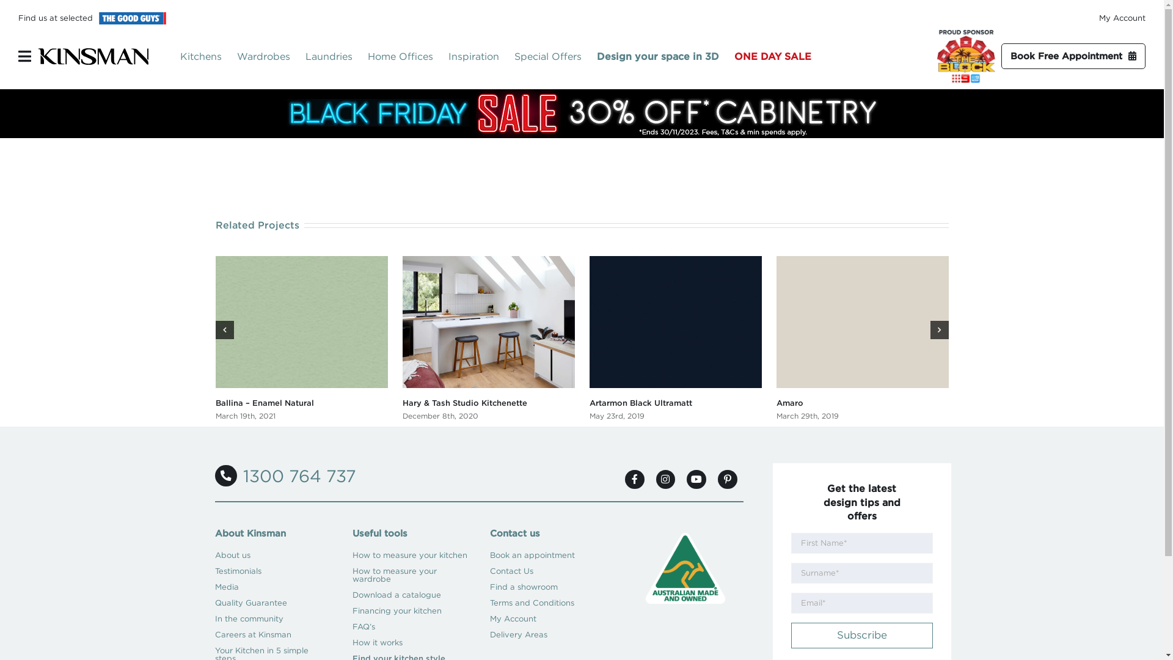  I want to click on 'Design your space in 3D', so click(665, 56).